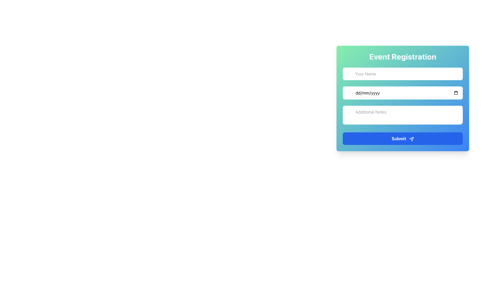  I want to click on the send icon embedded within the 'Submit' button, located to the right of the text label, so click(411, 139).